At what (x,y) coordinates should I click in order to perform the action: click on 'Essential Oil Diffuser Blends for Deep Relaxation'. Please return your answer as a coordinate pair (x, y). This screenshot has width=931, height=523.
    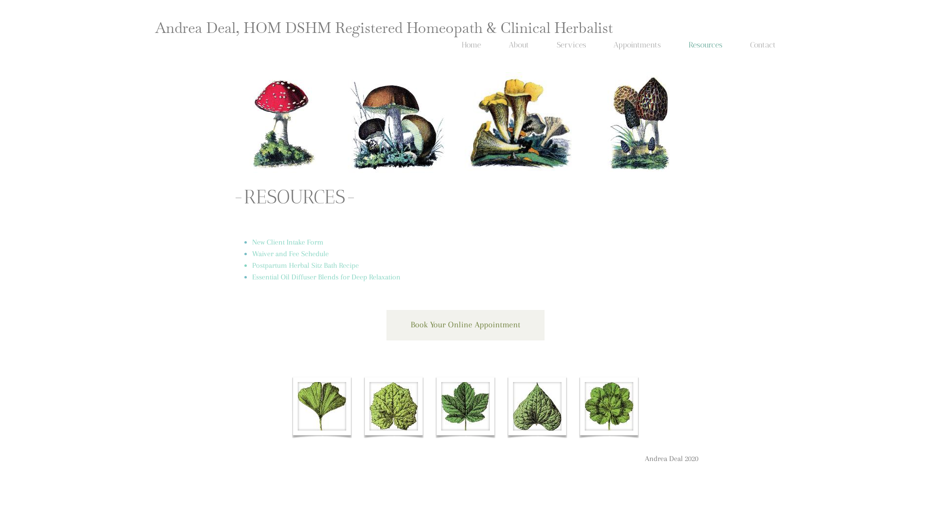
    Looking at the image, I should click on (326, 277).